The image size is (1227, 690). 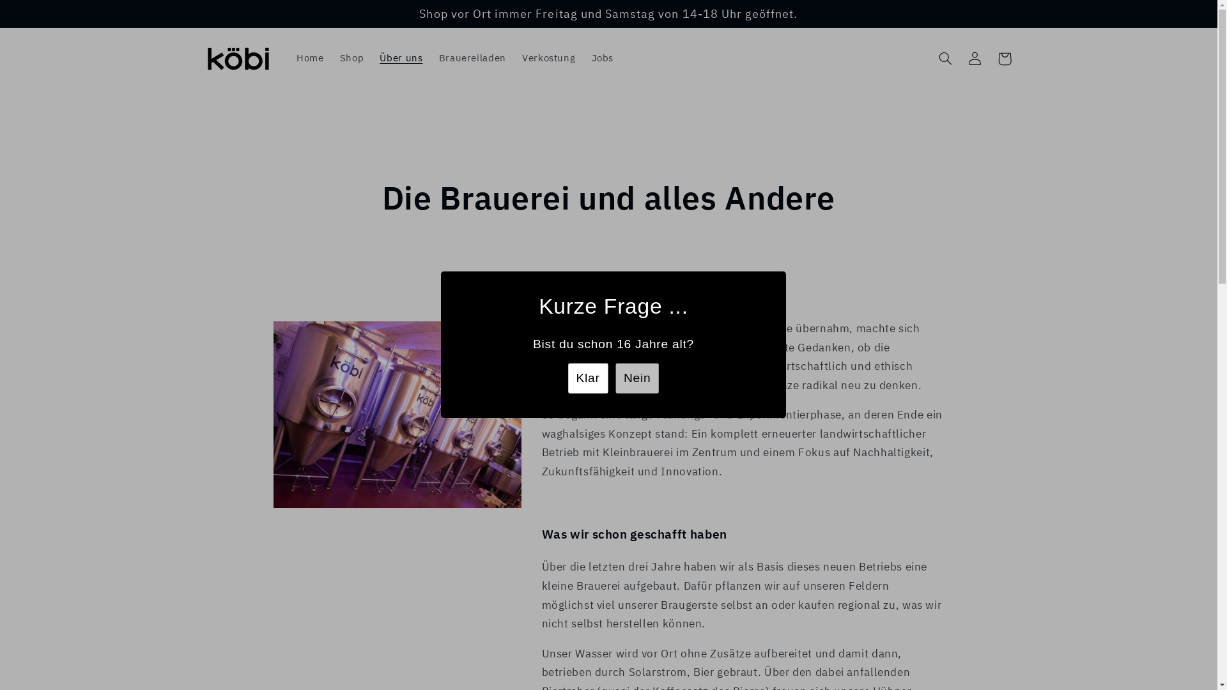 I want to click on 'Verkostung', so click(x=548, y=59).